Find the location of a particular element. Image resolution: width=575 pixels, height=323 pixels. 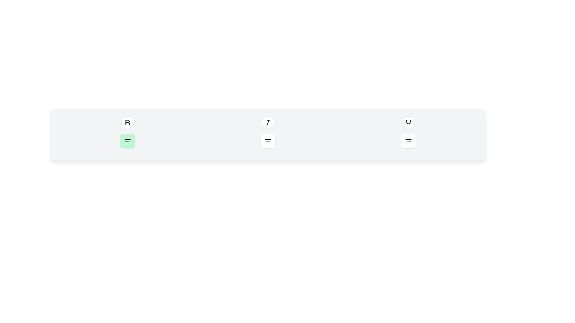

the underline icon button located at the right end of the toolbar is located at coordinates (408, 122).